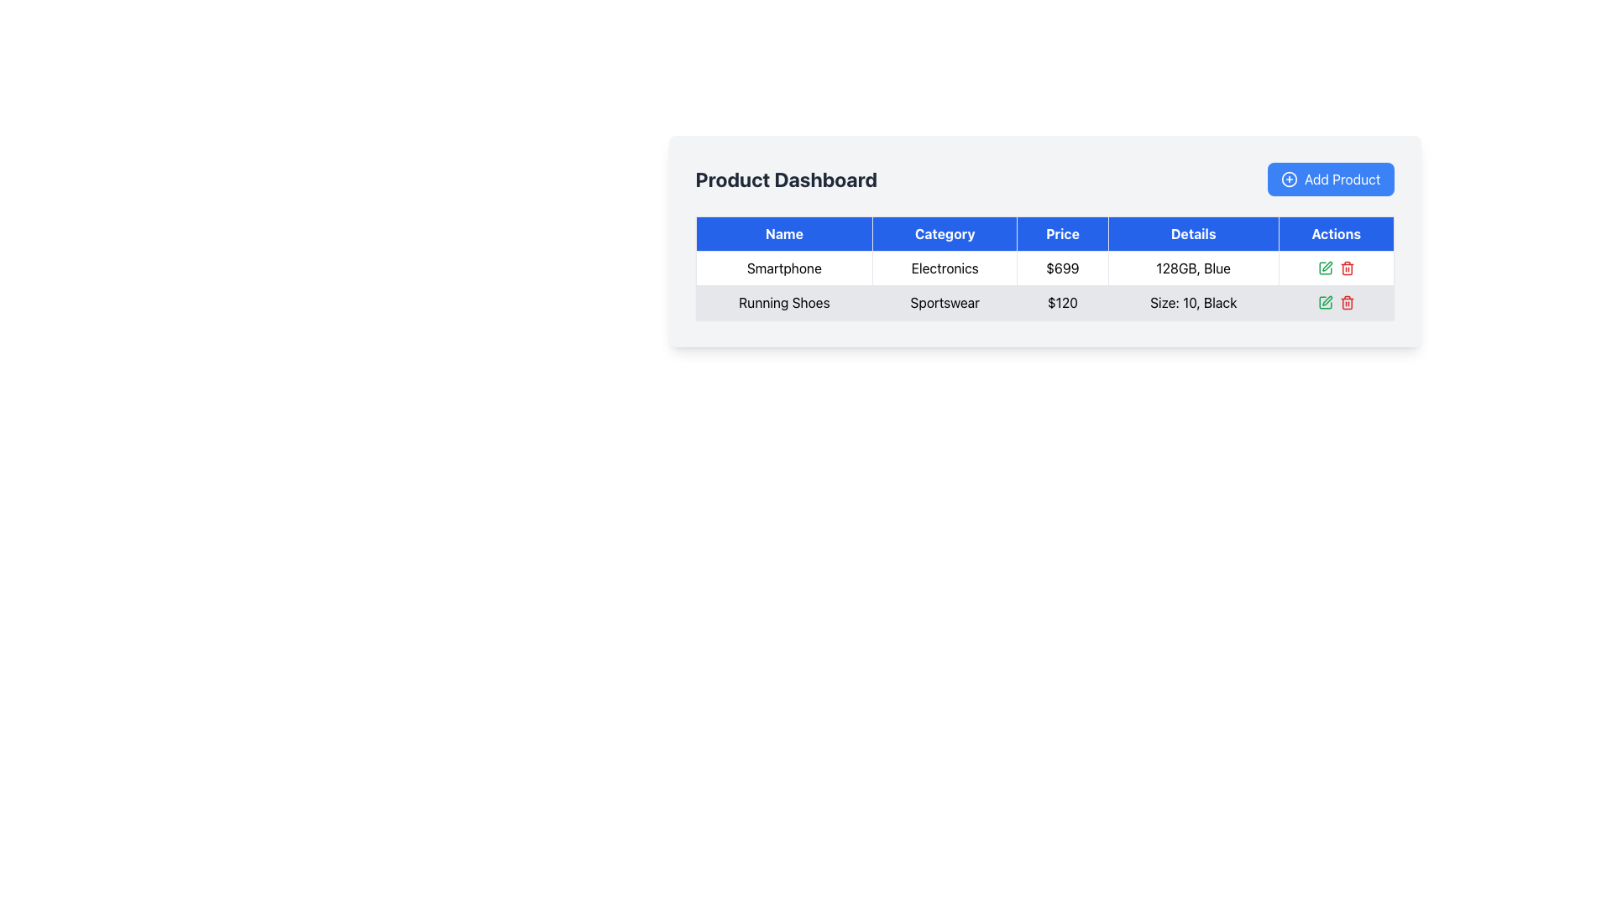 Image resolution: width=1612 pixels, height=906 pixels. I want to click on the product name text label located in the 'Name' column of the second data row in the table, which serves as an identifier for the associated product details, so click(783, 303).